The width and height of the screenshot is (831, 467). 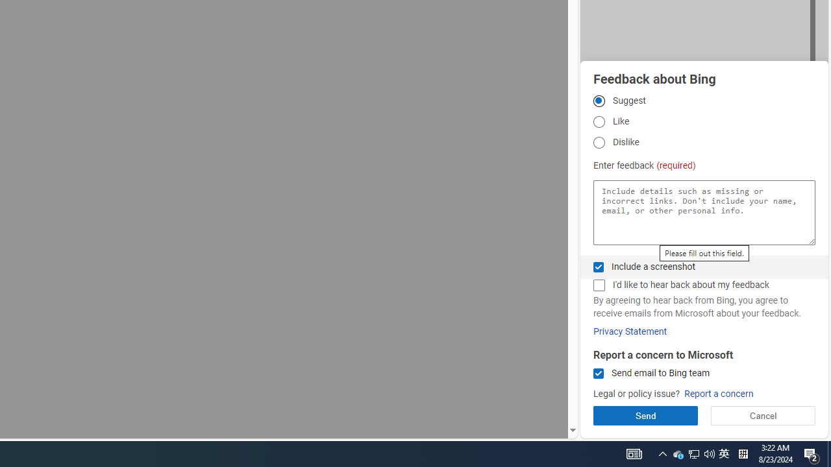 I want to click on 'Send email to Bing team', so click(x=598, y=374).